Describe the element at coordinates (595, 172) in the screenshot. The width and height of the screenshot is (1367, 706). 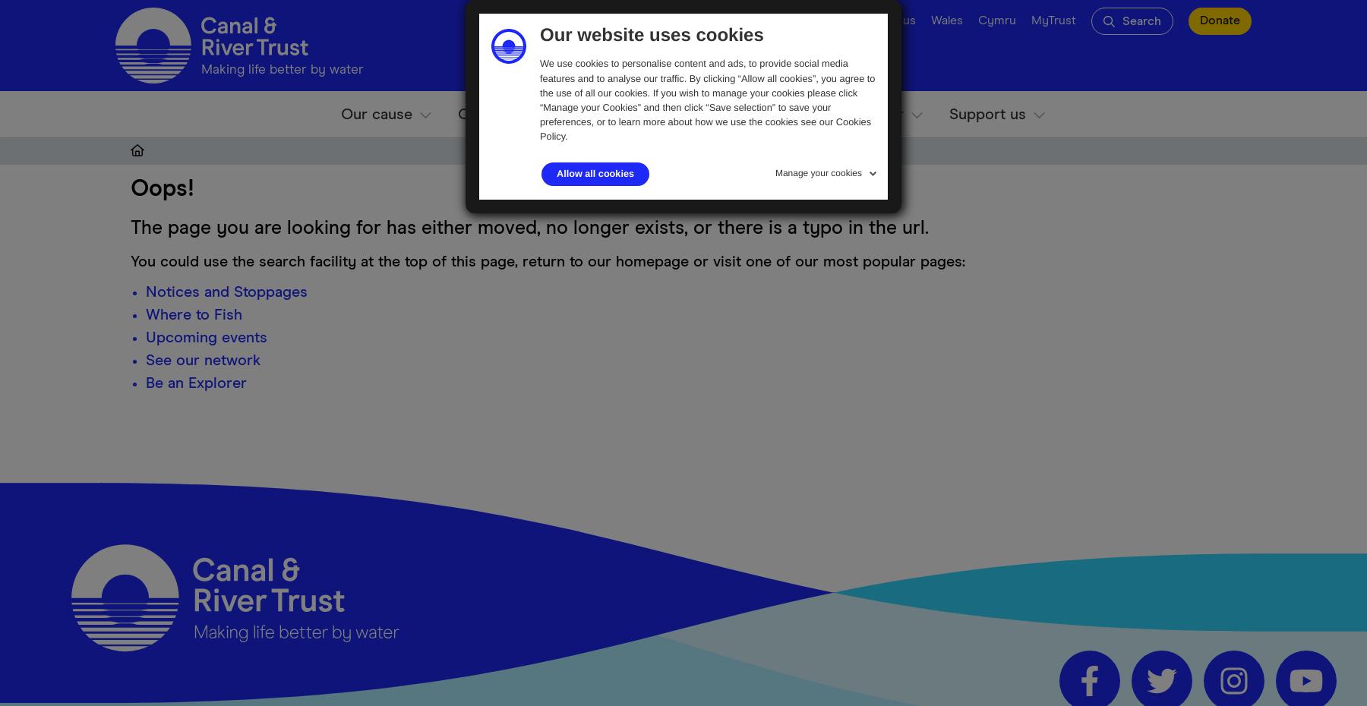
I see `'Allow all cookies'` at that location.